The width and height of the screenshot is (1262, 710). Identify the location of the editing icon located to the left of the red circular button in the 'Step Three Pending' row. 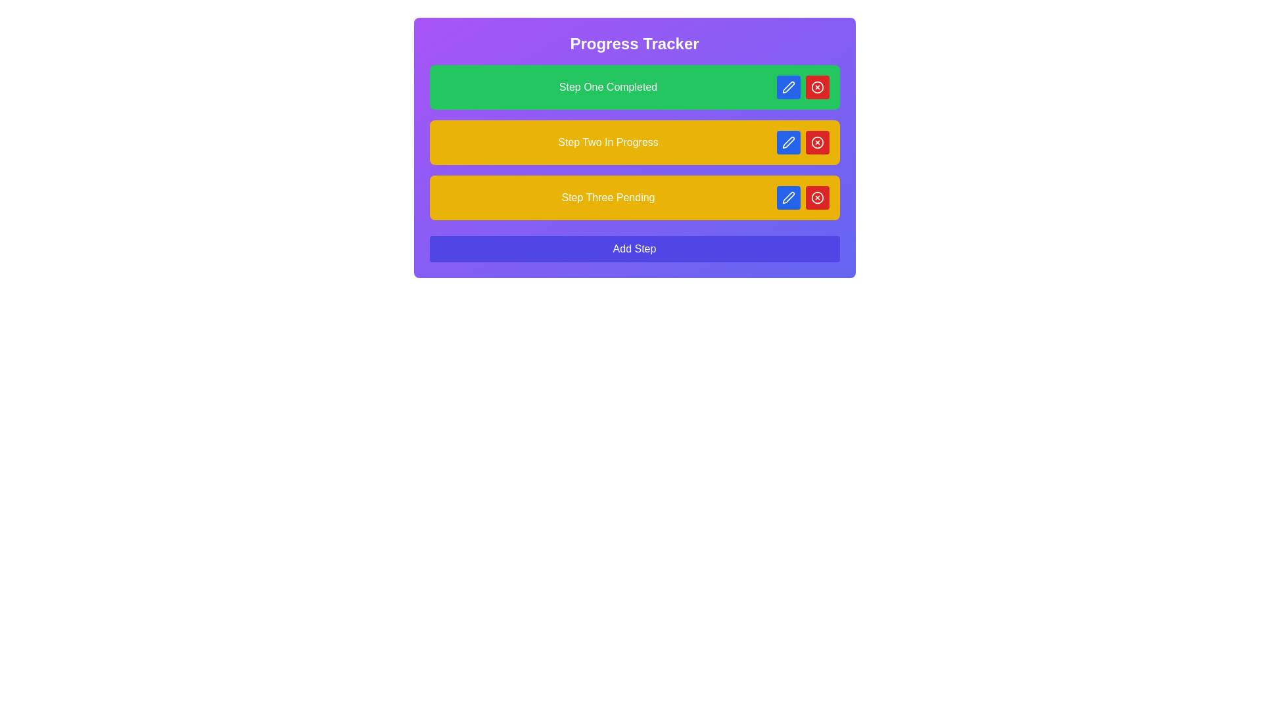
(788, 197).